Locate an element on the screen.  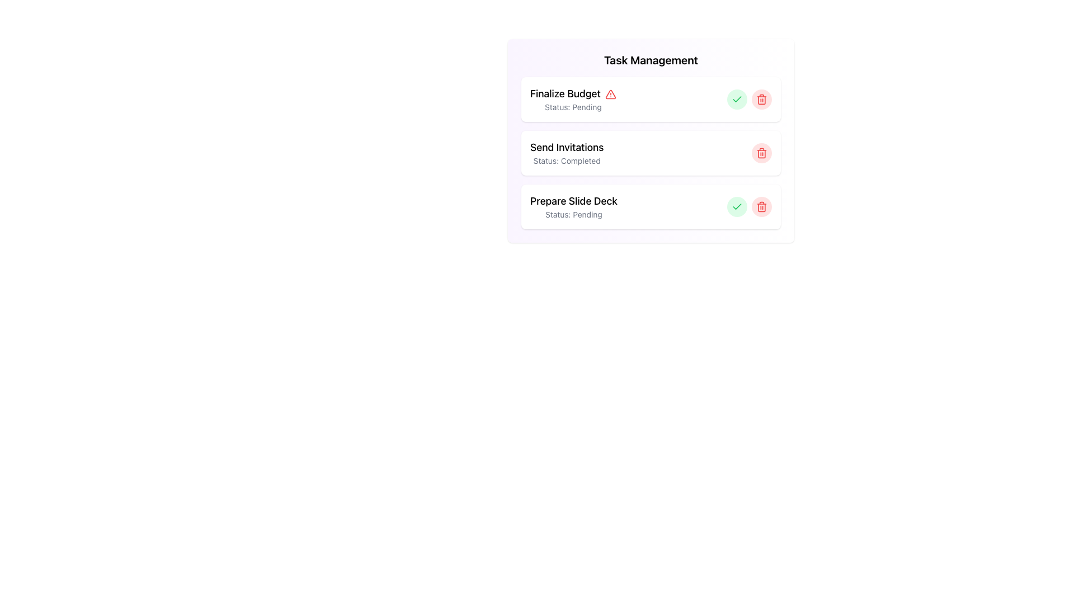
the text label displaying the title or description of the task located at the top of the 'Finalize Budget Status: Pending' group in the task management list is located at coordinates (573, 93).